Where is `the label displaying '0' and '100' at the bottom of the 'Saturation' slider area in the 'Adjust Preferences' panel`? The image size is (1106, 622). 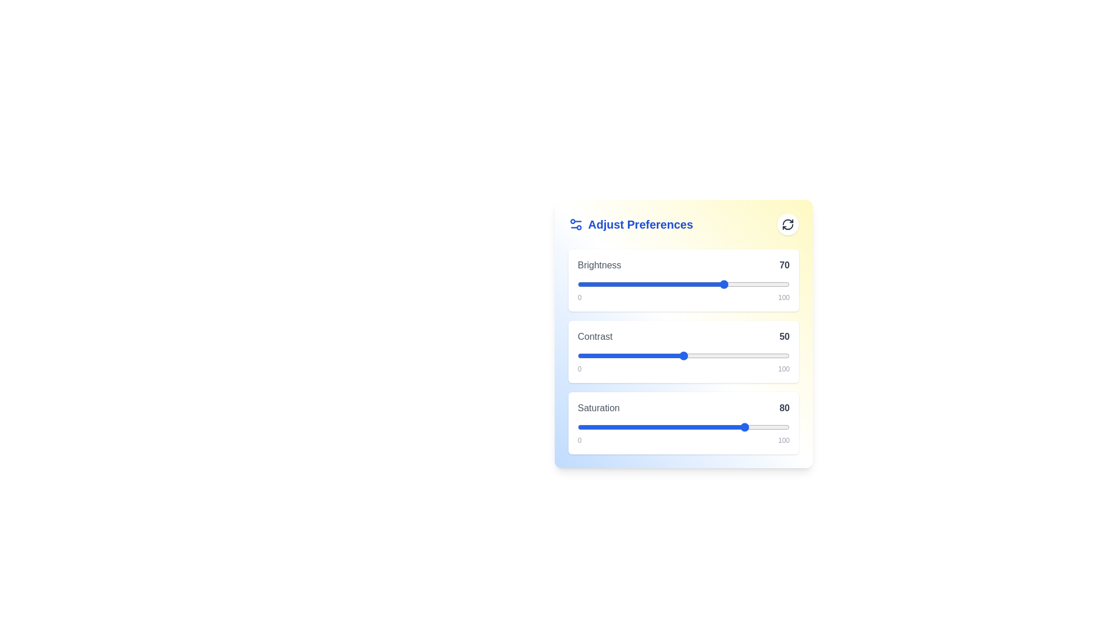
the label displaying '0' and '100' at the bottom of the 'Saturation' slider area in the 'Adjust Preferences' panel is located at coordinates (683, 440).